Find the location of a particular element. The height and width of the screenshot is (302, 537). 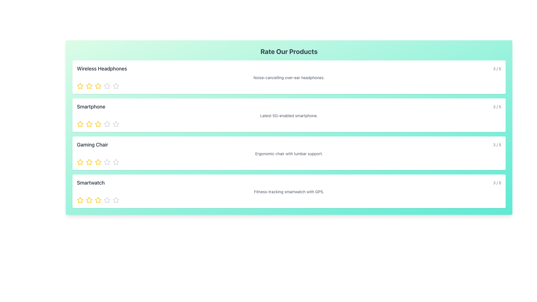

the second star icon with a yellow border in the fifth row of the rating system is located at coordinates (98, 200).